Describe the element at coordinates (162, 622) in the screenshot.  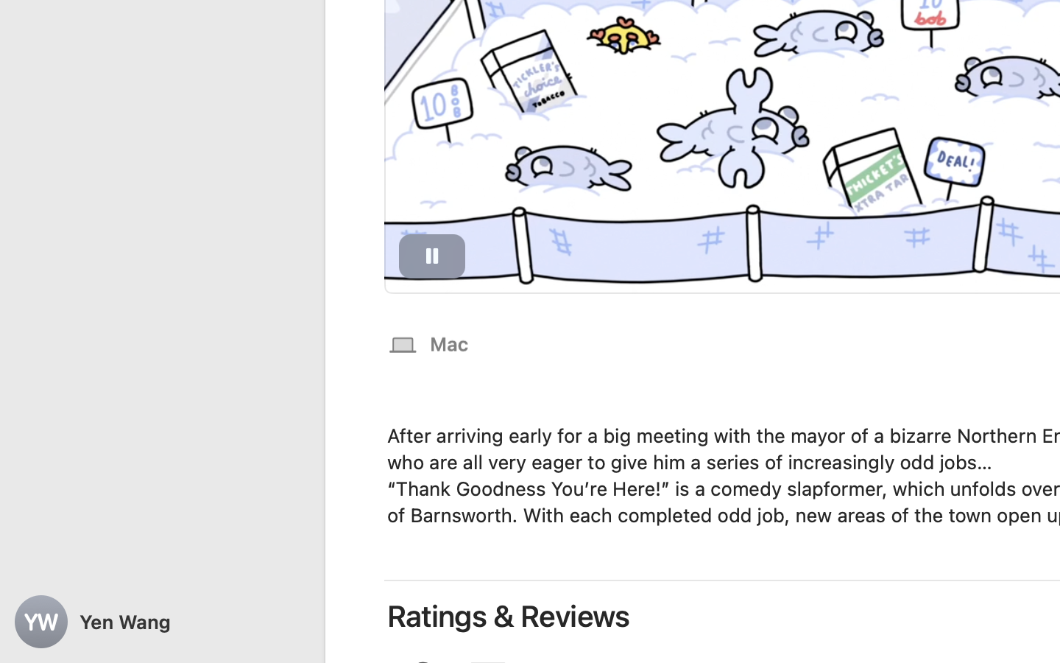
I see `'Yen Wang'` at that location.